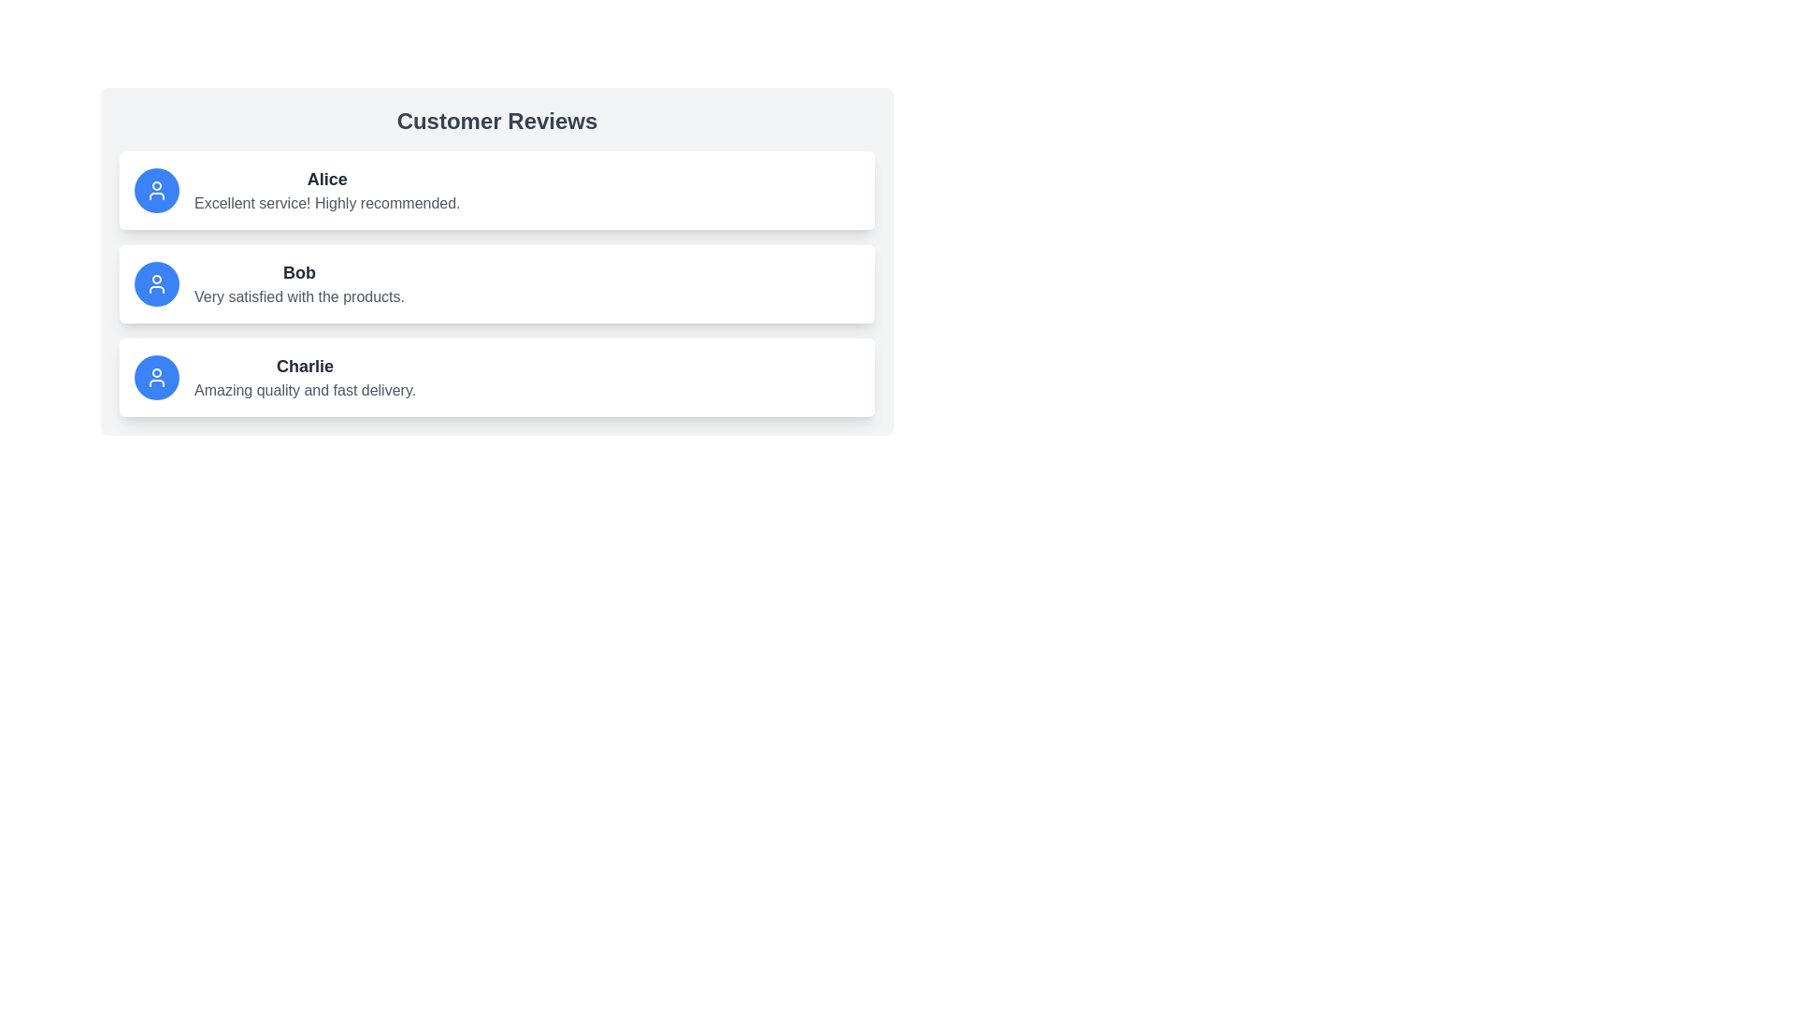 This screenshot has width=1795, height=1010. I want to click on the text block containing the title 'Alice' and the testimonial 'Excellent service! Highly recommended.', so click(327, 191).